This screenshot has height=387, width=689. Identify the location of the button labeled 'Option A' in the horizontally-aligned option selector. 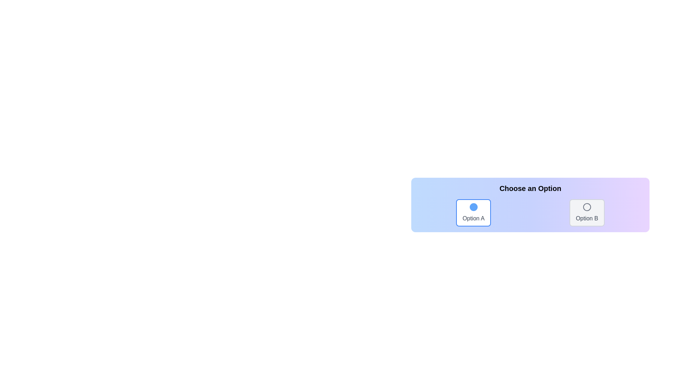
(473, 212).